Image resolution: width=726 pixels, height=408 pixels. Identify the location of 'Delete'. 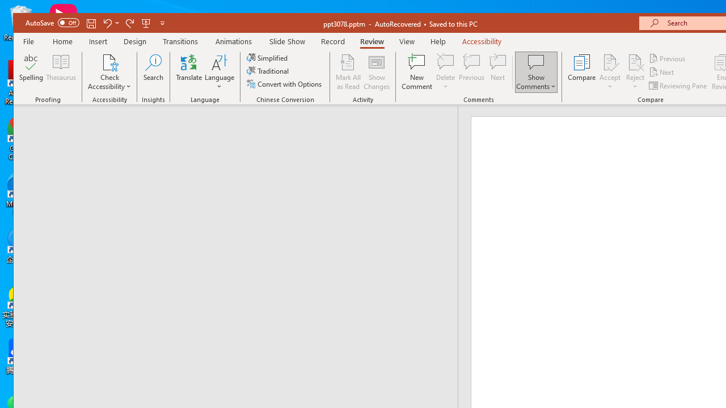
(445, 72).